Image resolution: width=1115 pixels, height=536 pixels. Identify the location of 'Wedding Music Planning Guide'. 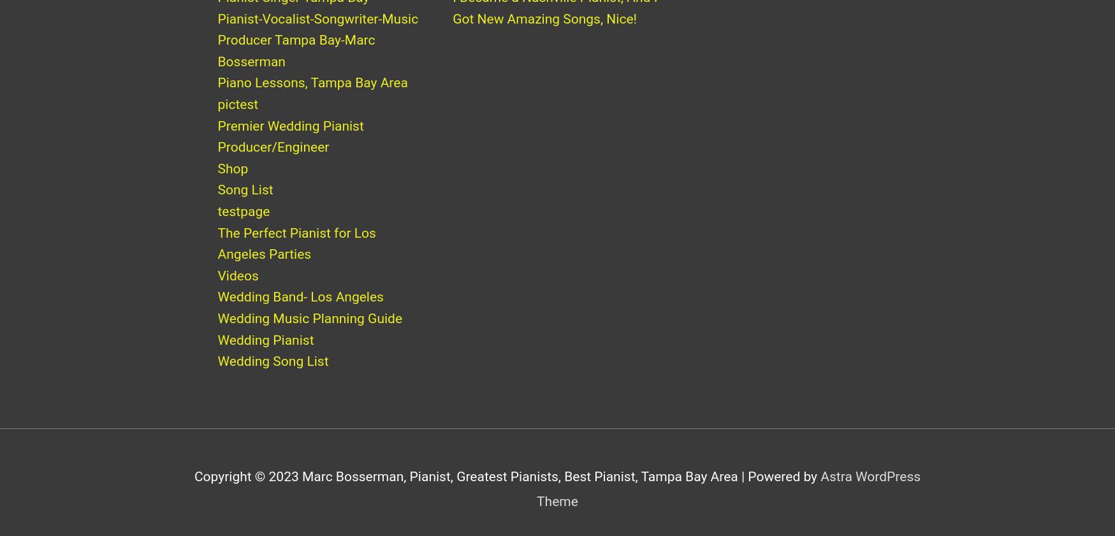
(217, 330).